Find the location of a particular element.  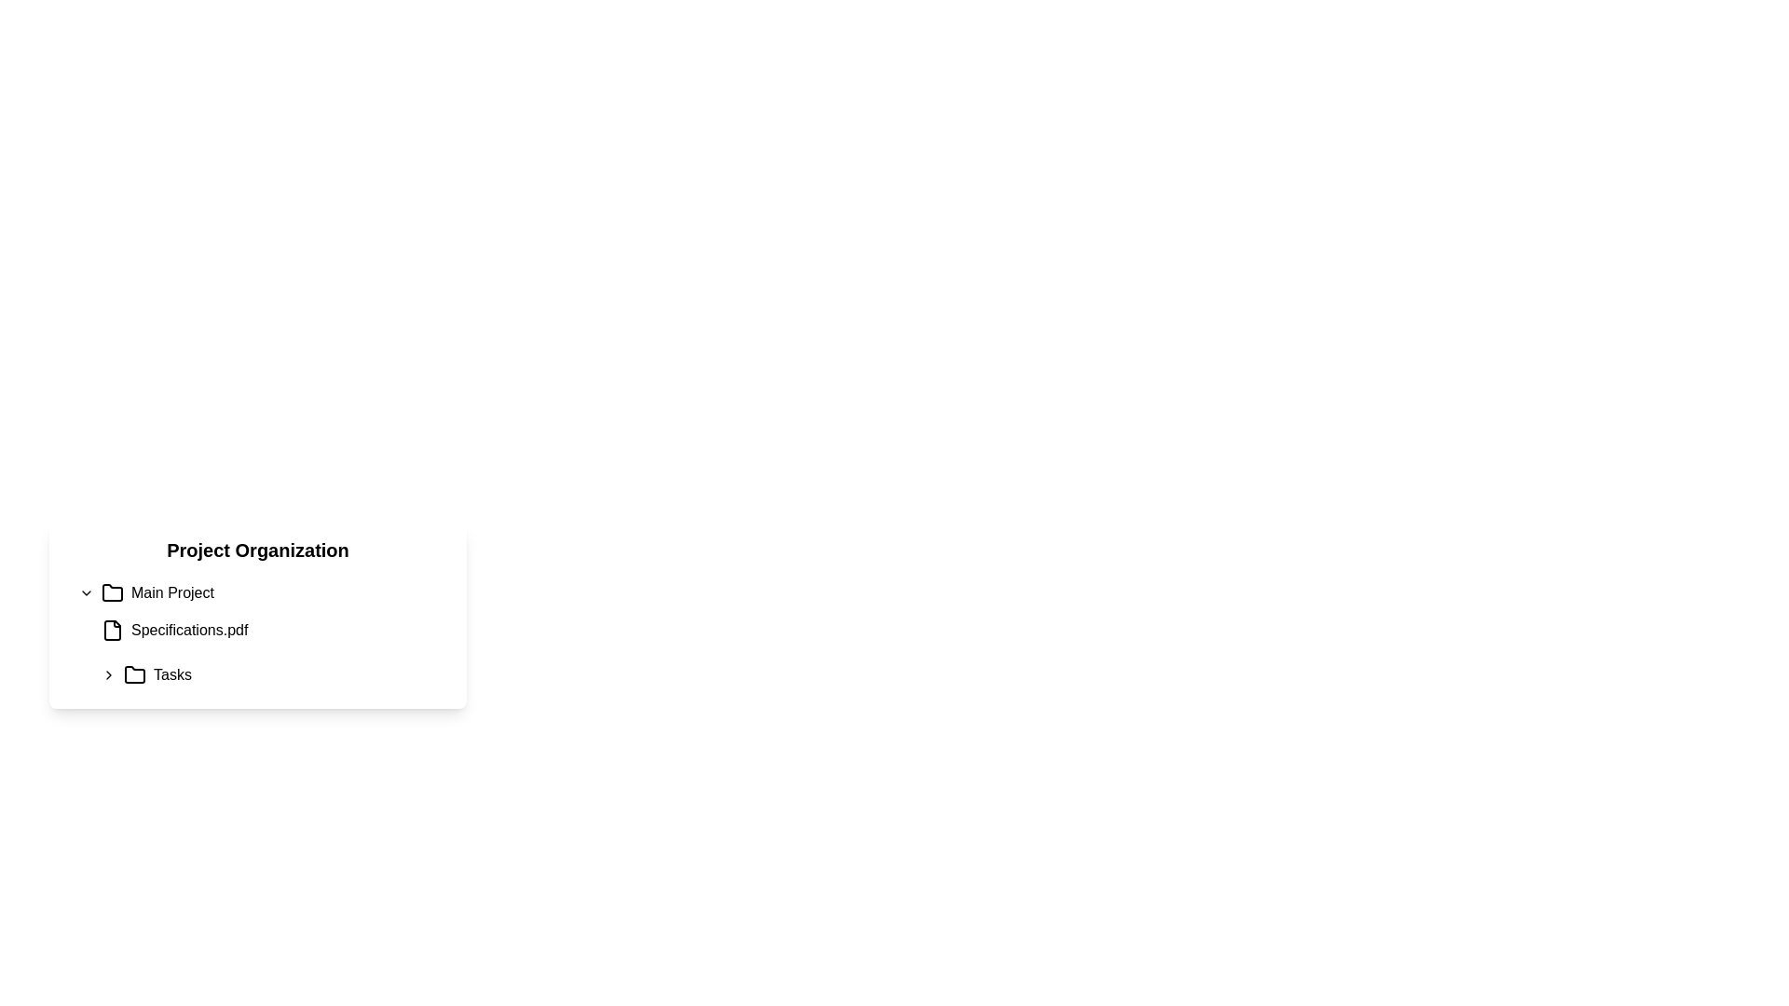

the folder icon represented in line-art style, located to the right of a chevron icon and to the left of the text 'Tasks' is located at coordinates (133, 675).